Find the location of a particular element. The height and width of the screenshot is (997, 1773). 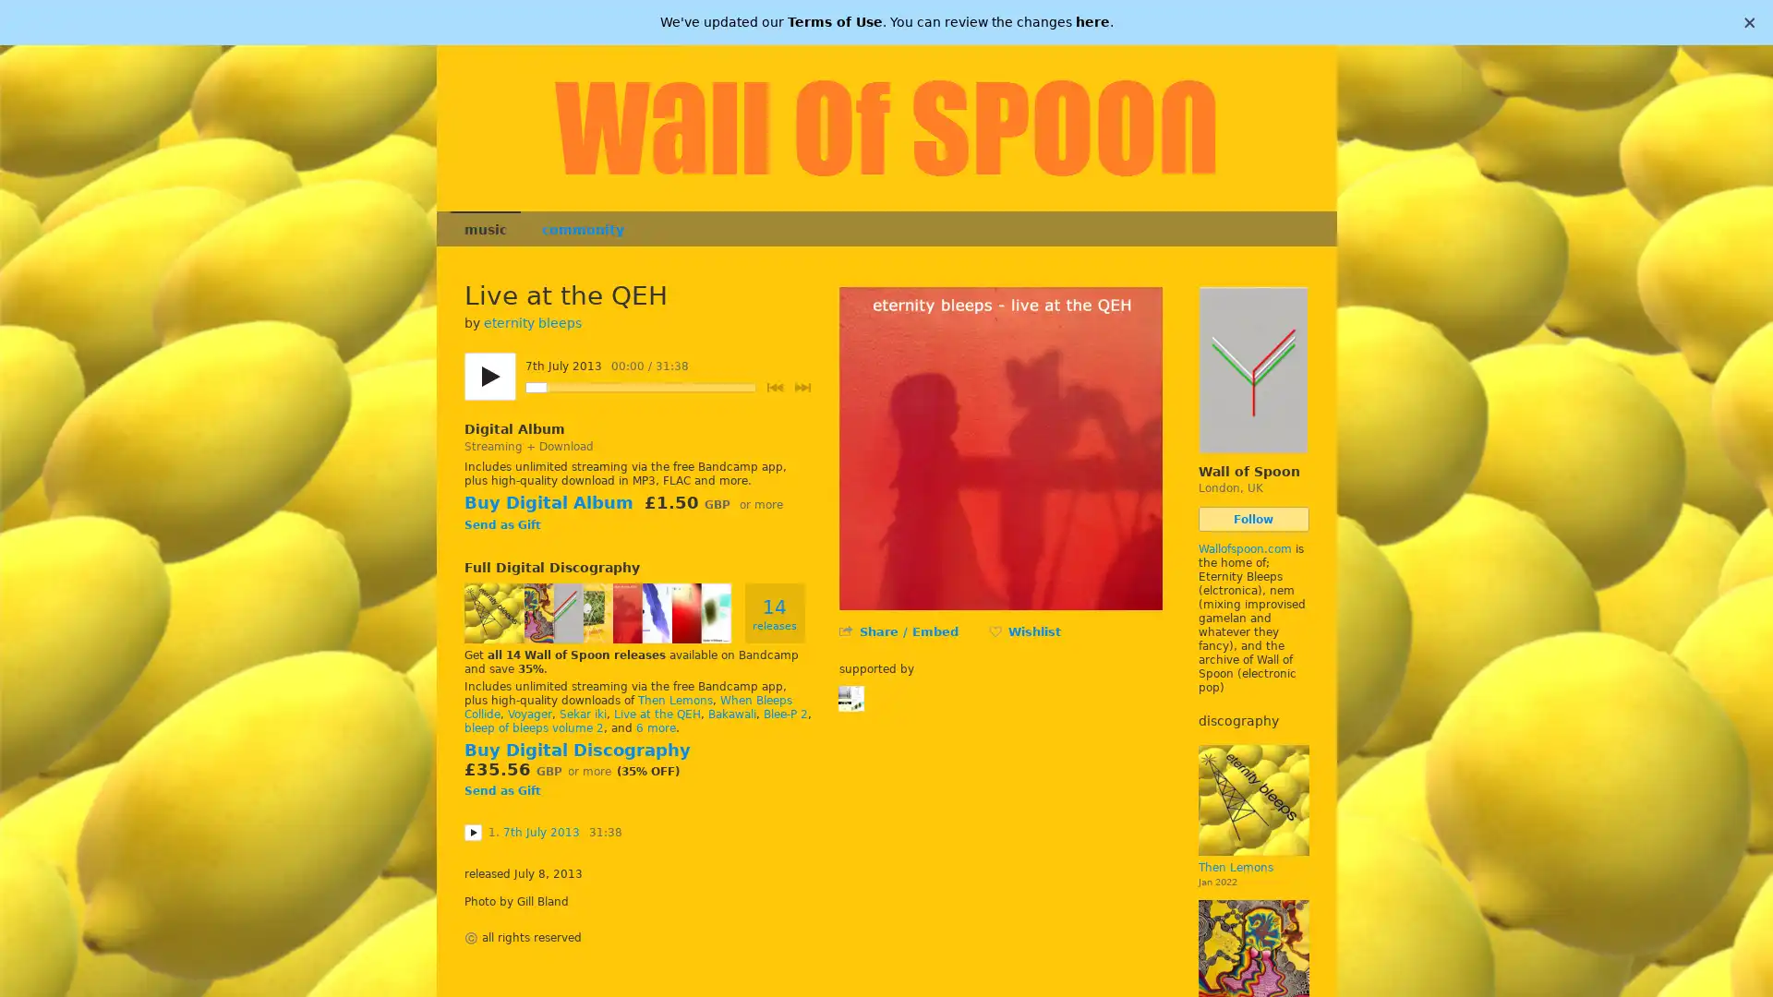

Send as Gift is located at coordinates (501, 789).